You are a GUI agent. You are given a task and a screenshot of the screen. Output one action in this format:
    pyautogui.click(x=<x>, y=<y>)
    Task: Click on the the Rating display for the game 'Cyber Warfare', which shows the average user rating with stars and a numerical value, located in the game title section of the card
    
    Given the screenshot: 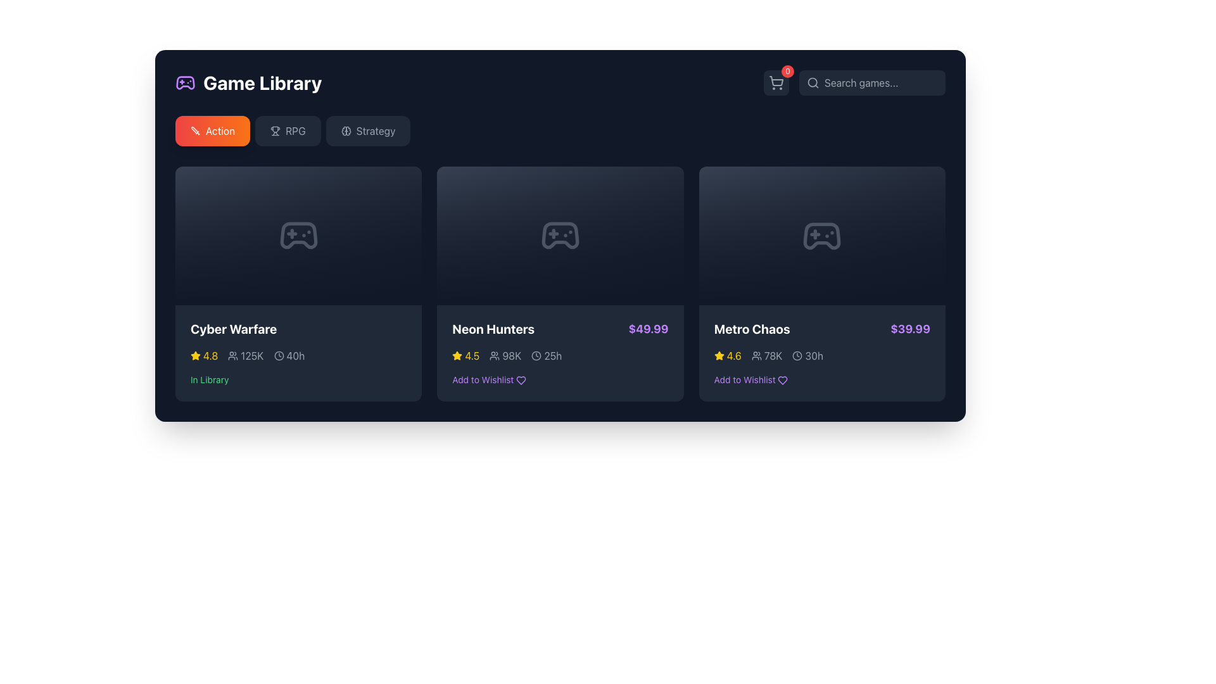 What is the action you would take?
    pyautogui.click(x=204, y=356)
    